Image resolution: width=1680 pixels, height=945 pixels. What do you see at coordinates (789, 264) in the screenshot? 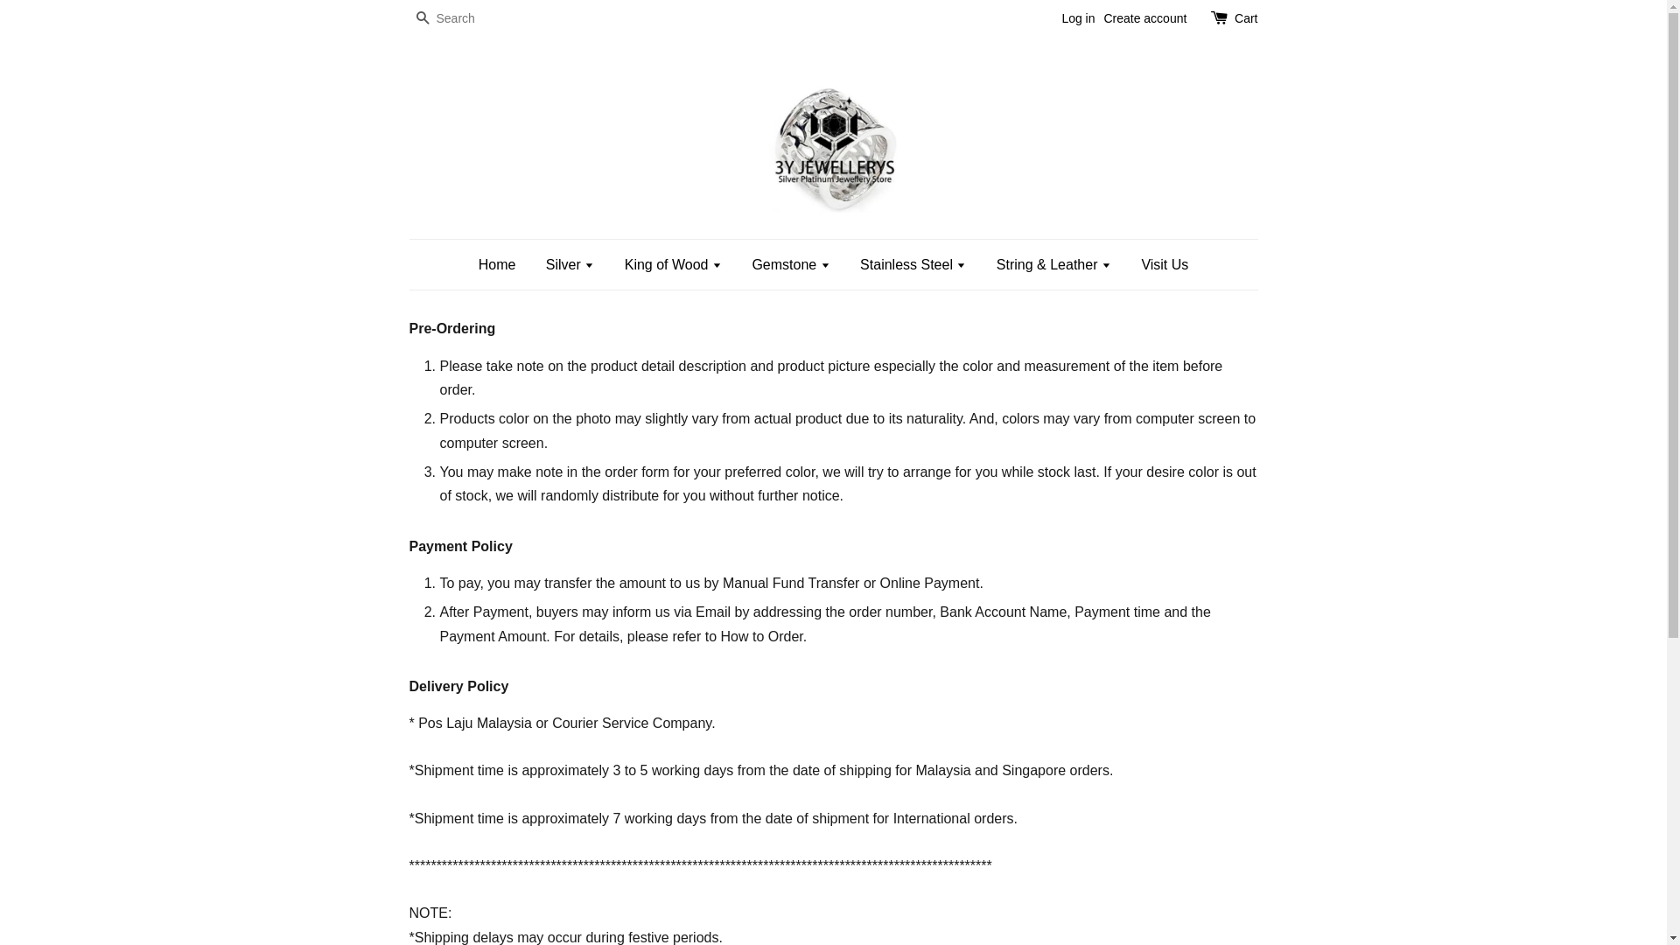
I see `'Gemstone'` at bounding box center [789, 264].